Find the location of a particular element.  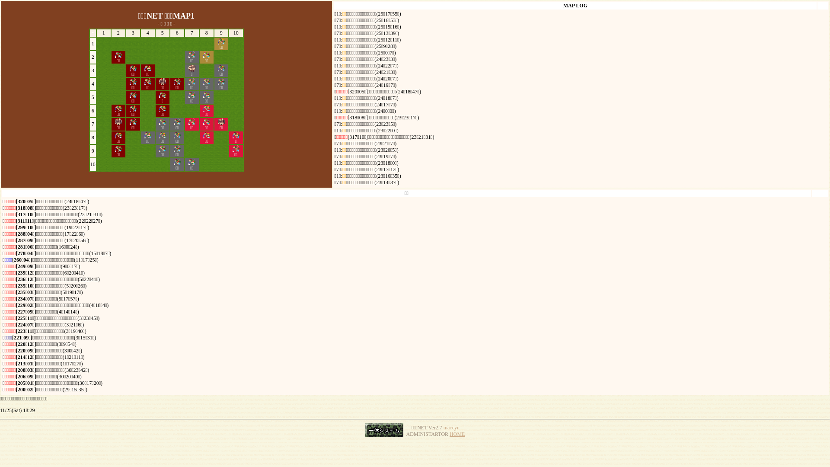

'HOME' is located at coordinates (456, 433).